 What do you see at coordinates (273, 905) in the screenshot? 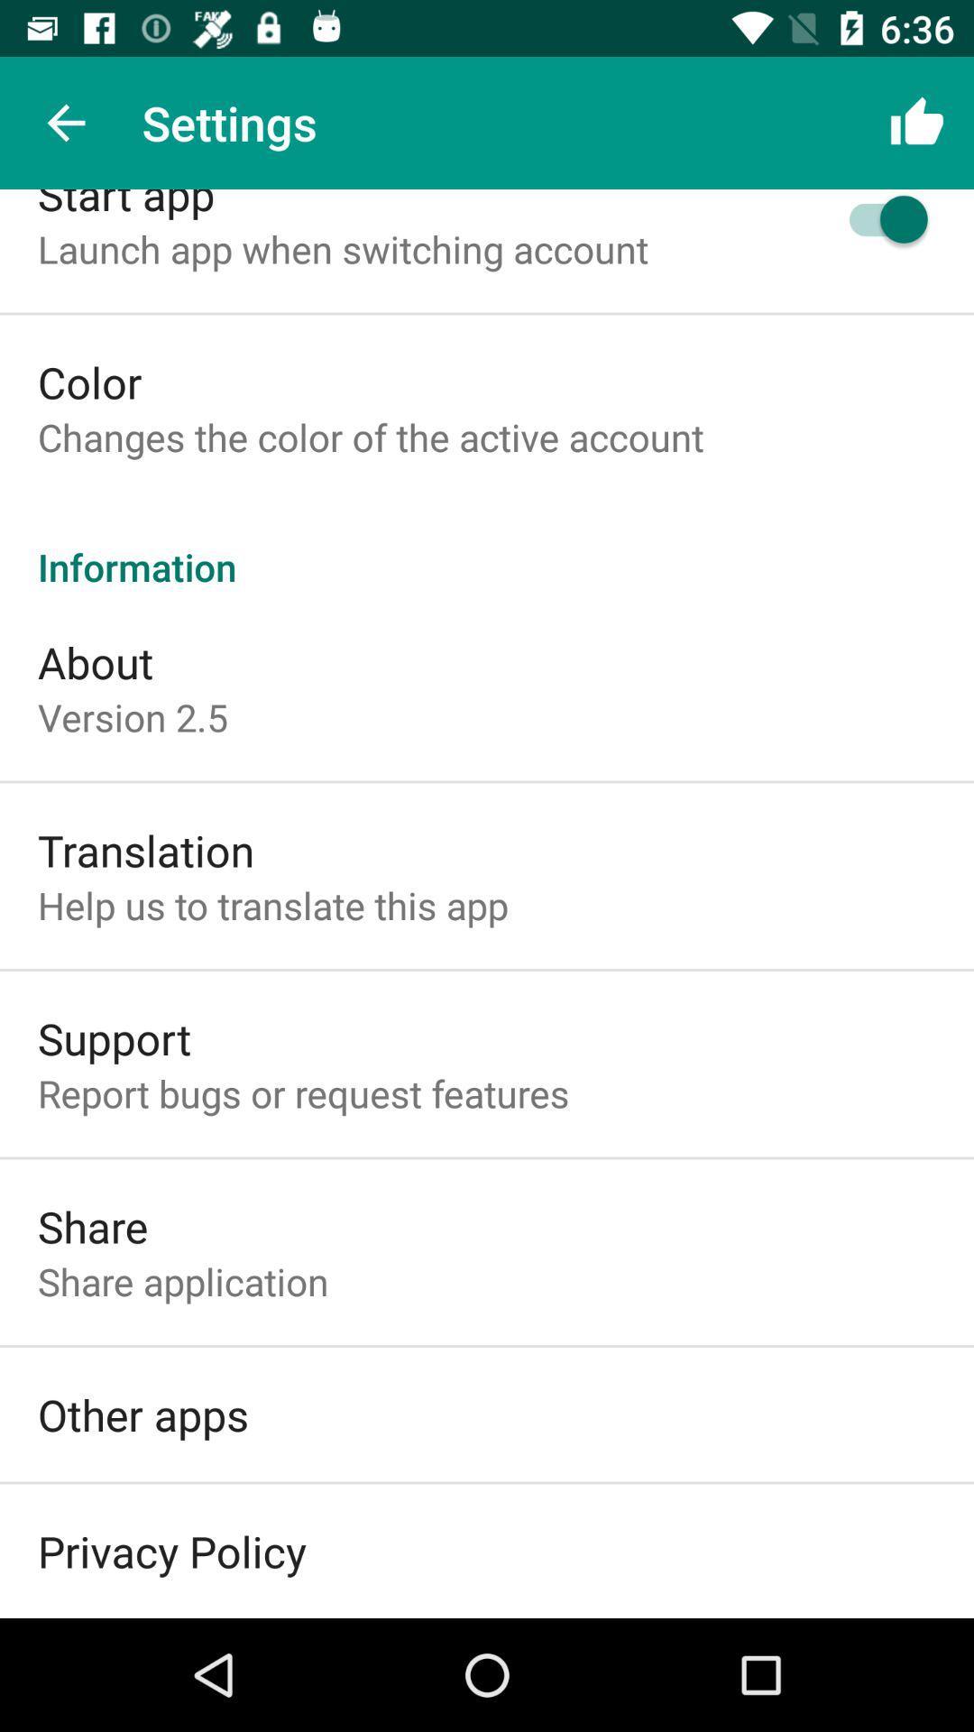
I see `help us to icon` at bounding box center [273, 905].